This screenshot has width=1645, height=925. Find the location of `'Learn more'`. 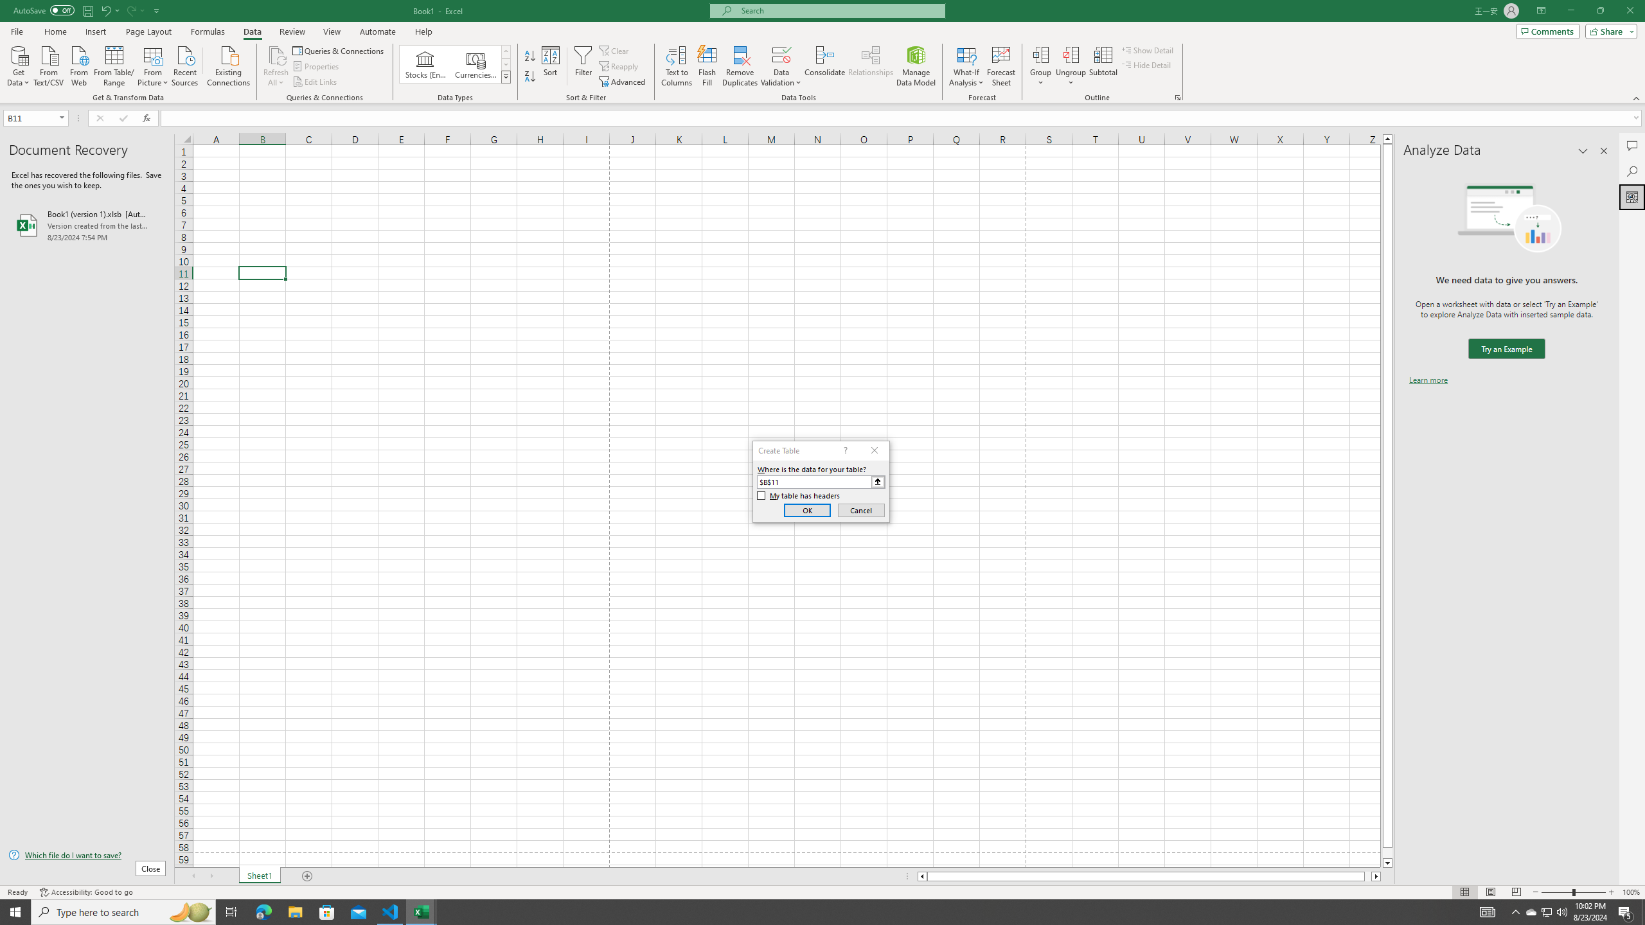

'Learn more' is located at coordinates (1428, 379).